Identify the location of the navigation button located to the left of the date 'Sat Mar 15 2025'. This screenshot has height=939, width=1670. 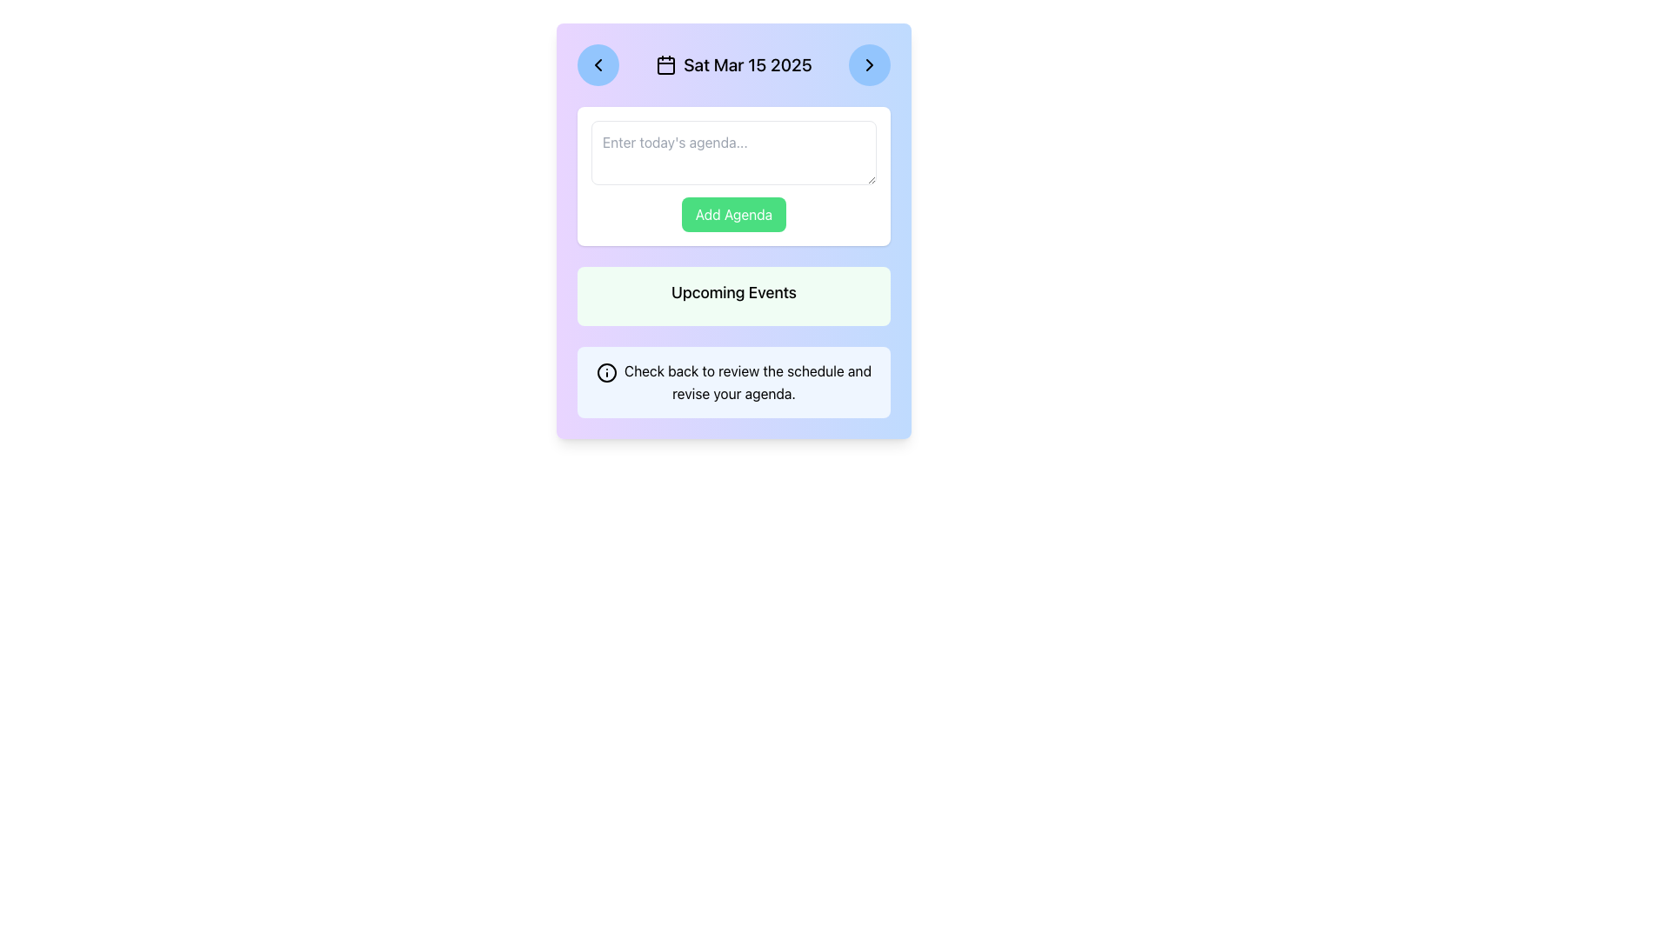
(598, 63).